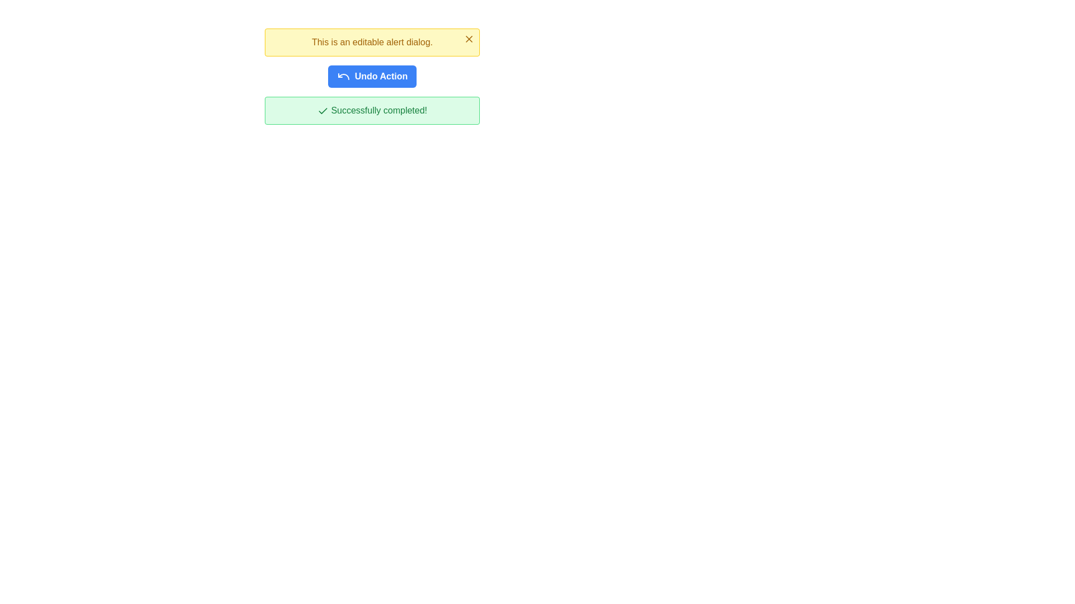 This screenshot has width=1075, height=604. What do you see at coordinates (469, 38) in the screenshot?
I see `the diagonal line segment forming part of the 'X' shape in the top-right corner of the yellow alert box` at bounding box center [469, 38].